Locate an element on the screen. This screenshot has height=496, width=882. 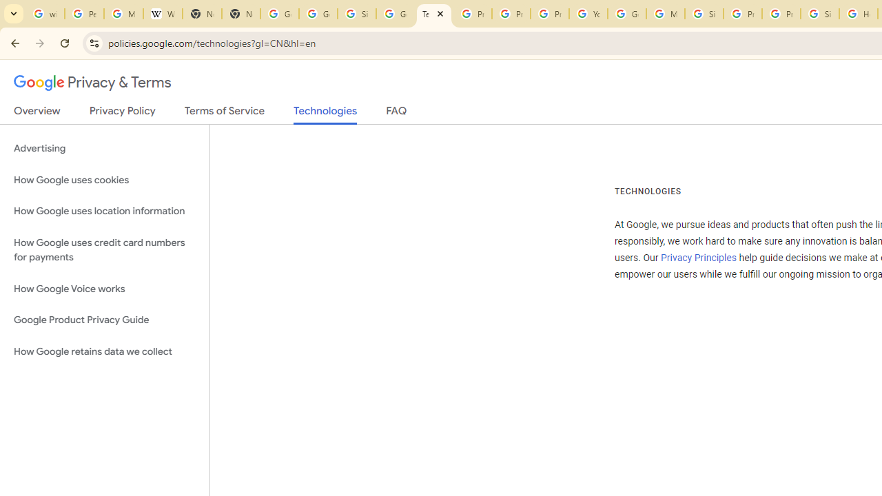
'How Google retains data we collect' is located at coordinates (104, 351).